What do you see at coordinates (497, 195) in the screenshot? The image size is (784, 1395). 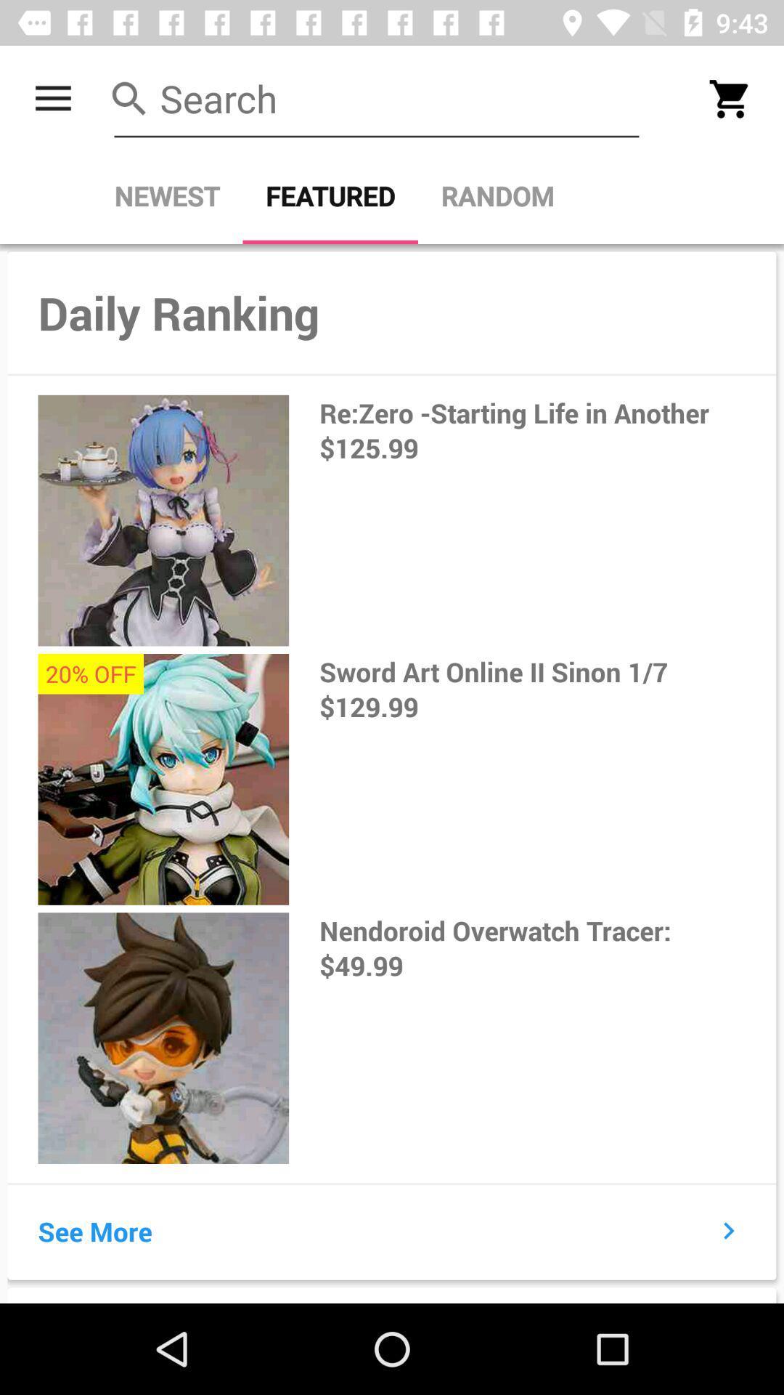 I see `item to the right of the featured` at bounding box center [497, 195].